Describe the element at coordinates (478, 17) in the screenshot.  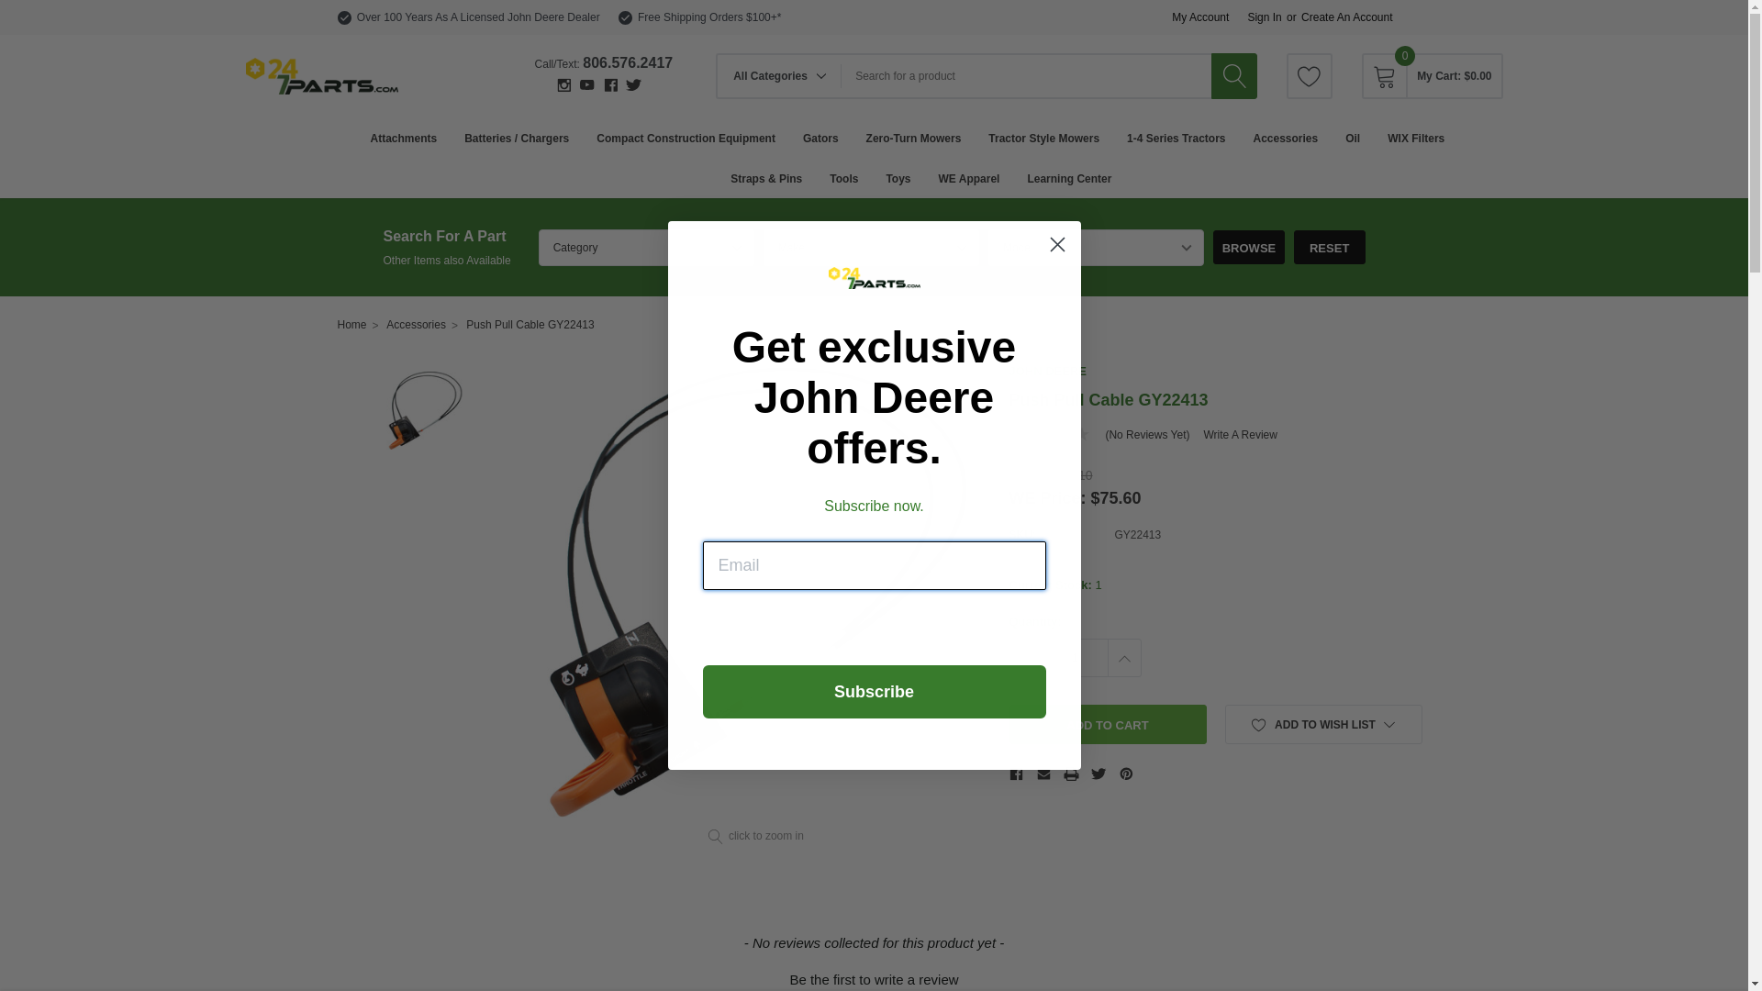
I see `'Over 100 Years As A Licensed John Deere Dealer'` at that location.